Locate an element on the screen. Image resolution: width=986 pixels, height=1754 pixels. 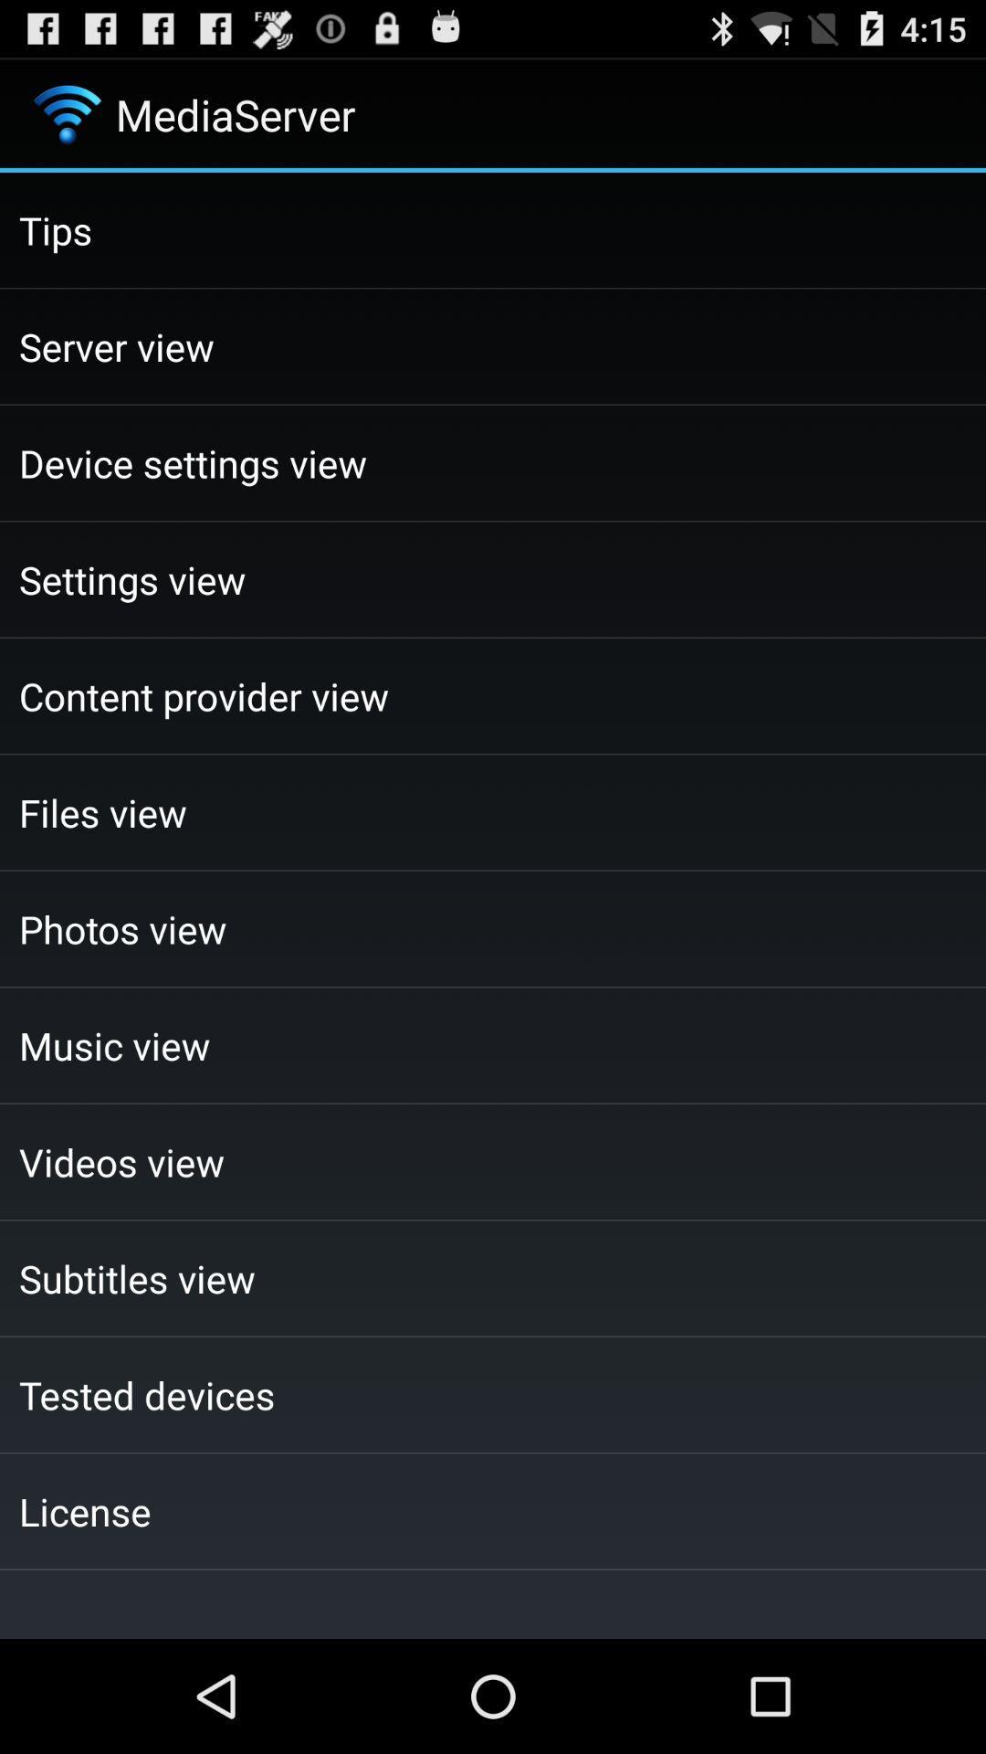
checkbox below the tips item is located at coordinates (493, 346).